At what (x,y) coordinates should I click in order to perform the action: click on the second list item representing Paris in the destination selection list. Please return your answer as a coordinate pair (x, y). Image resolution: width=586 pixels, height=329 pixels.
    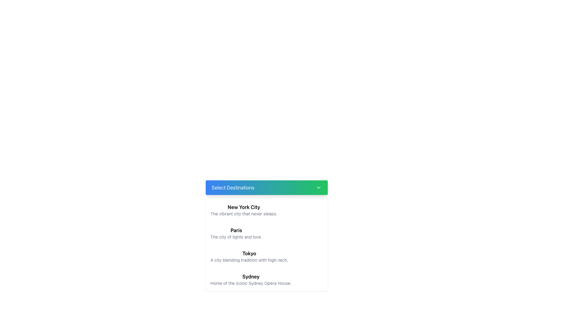
    Looking at the image, I should click on (236, 233).